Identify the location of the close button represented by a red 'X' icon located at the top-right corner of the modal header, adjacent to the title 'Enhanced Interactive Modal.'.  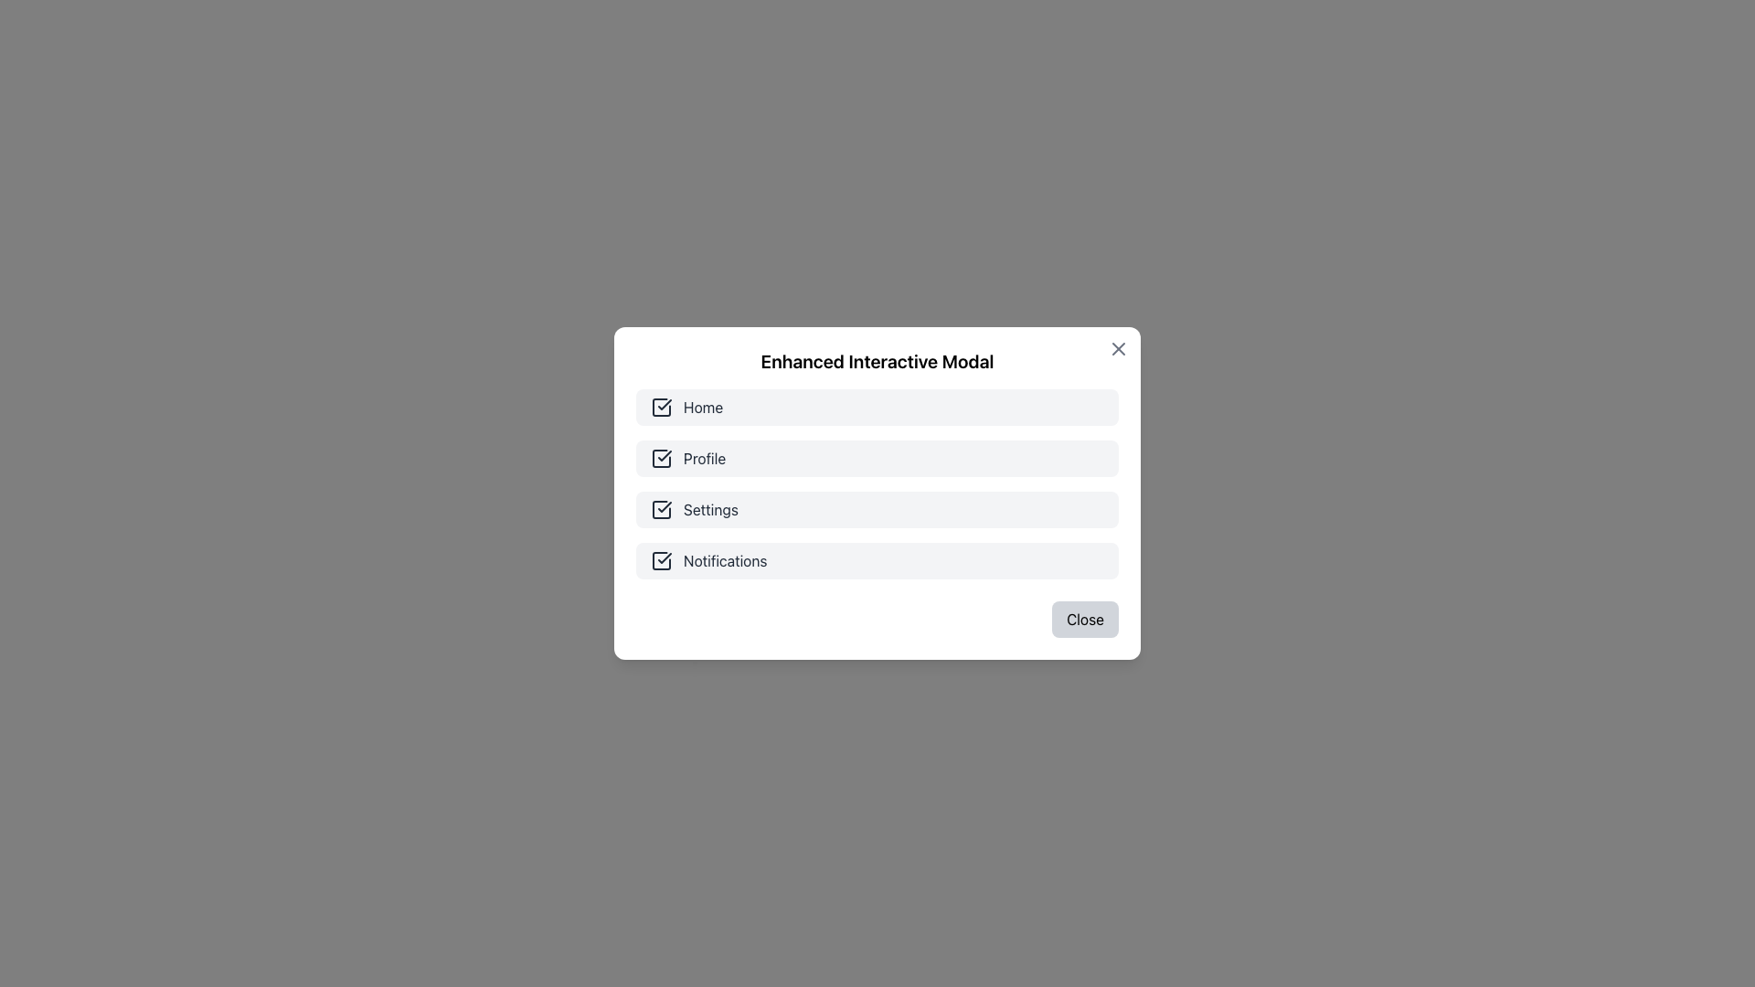
(1118, 348).